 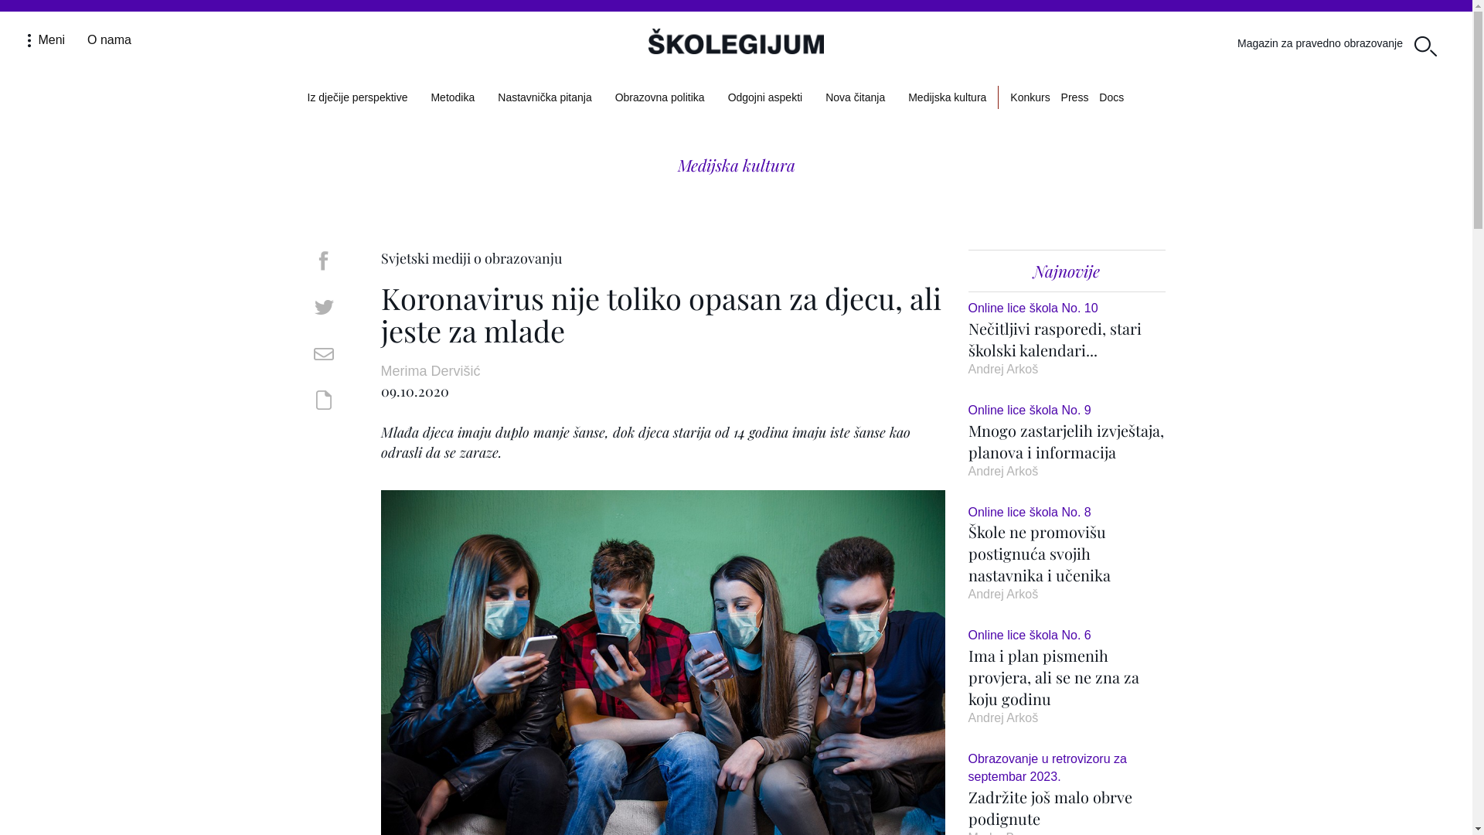 I want to click on 'Metodika', so click(x=451, y=97).